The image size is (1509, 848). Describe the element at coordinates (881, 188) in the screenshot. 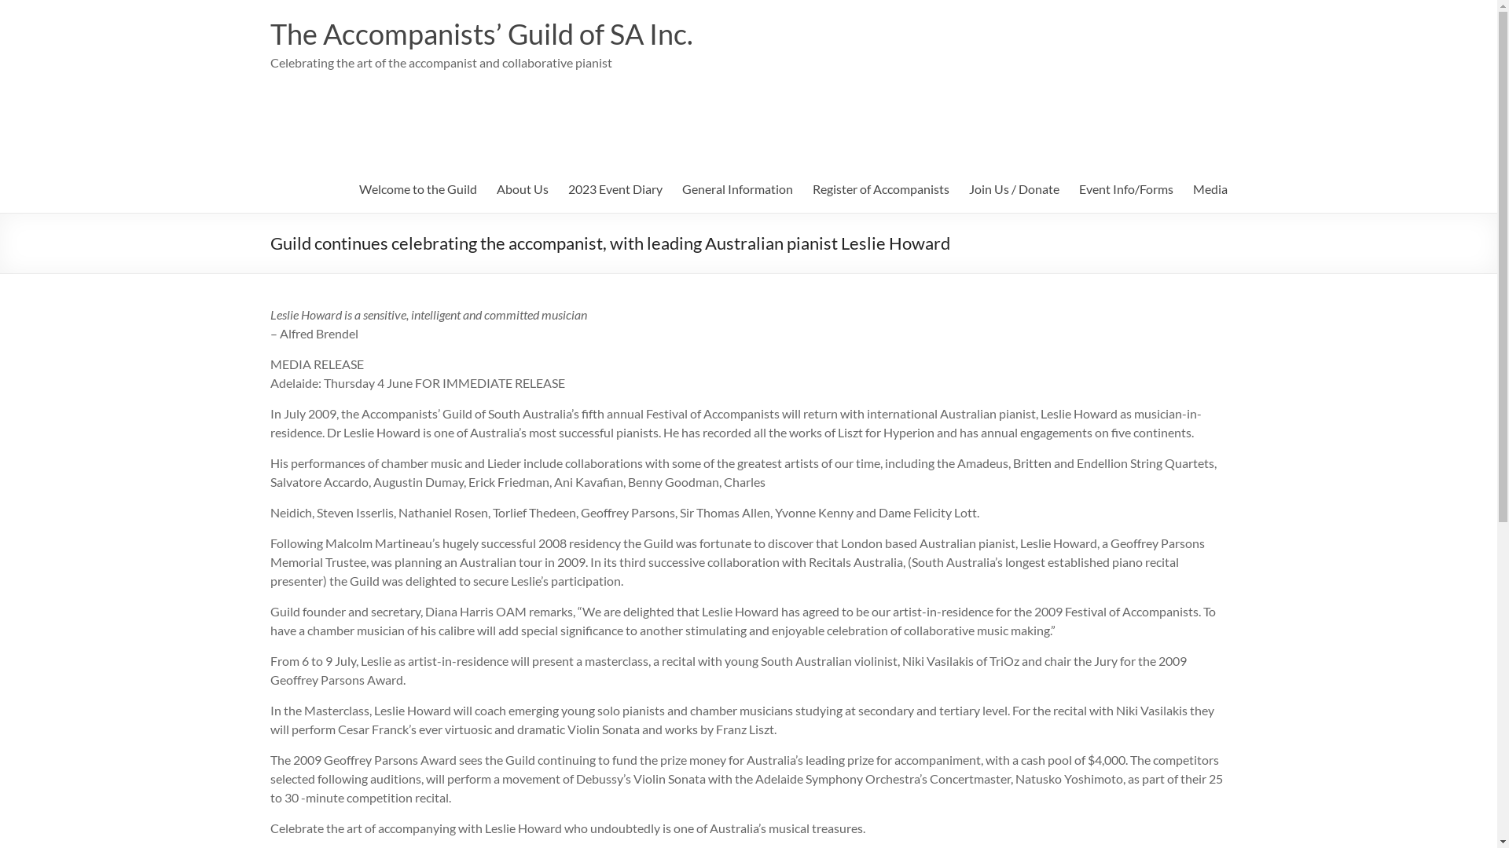

I see `'Register of Accompanists'` at that location.